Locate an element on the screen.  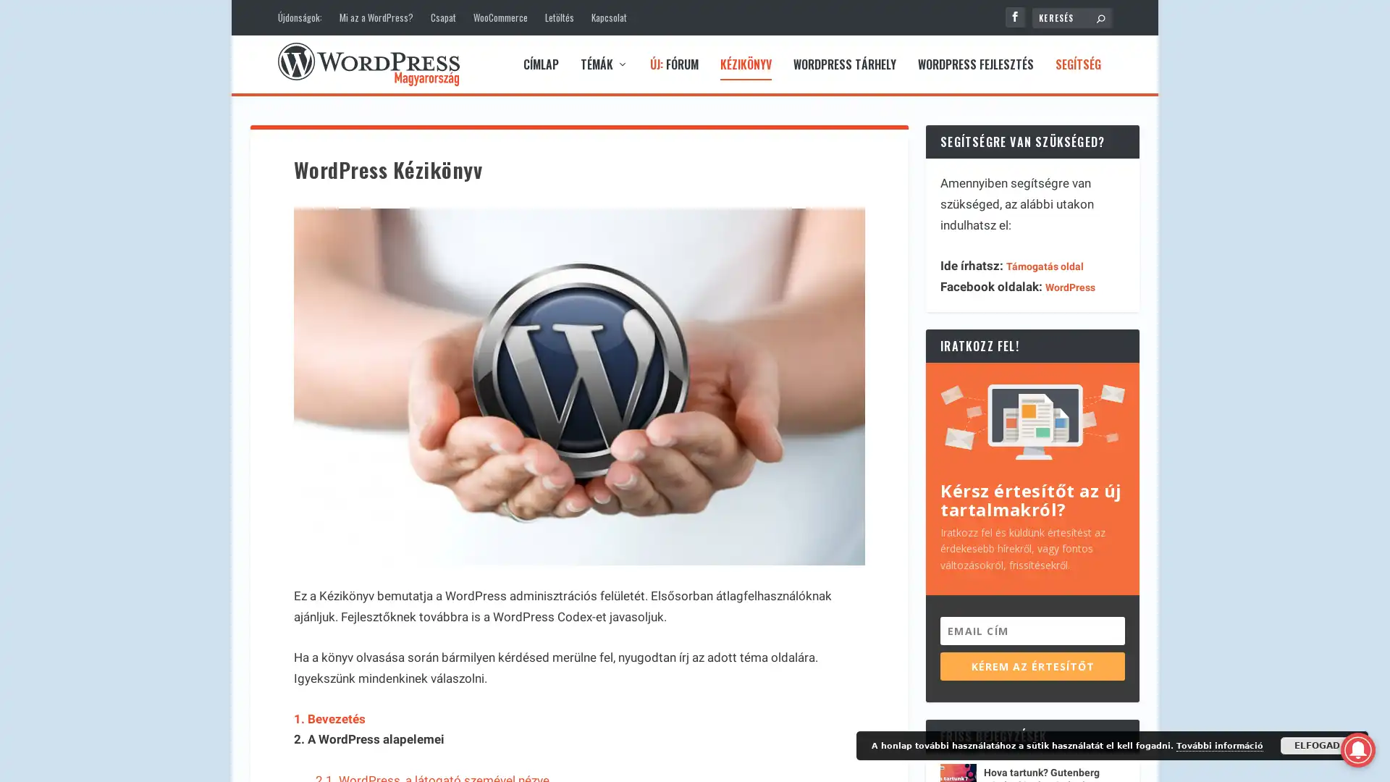
KEREM AZ ERTESITOT is located at coordinates (1032, 665).